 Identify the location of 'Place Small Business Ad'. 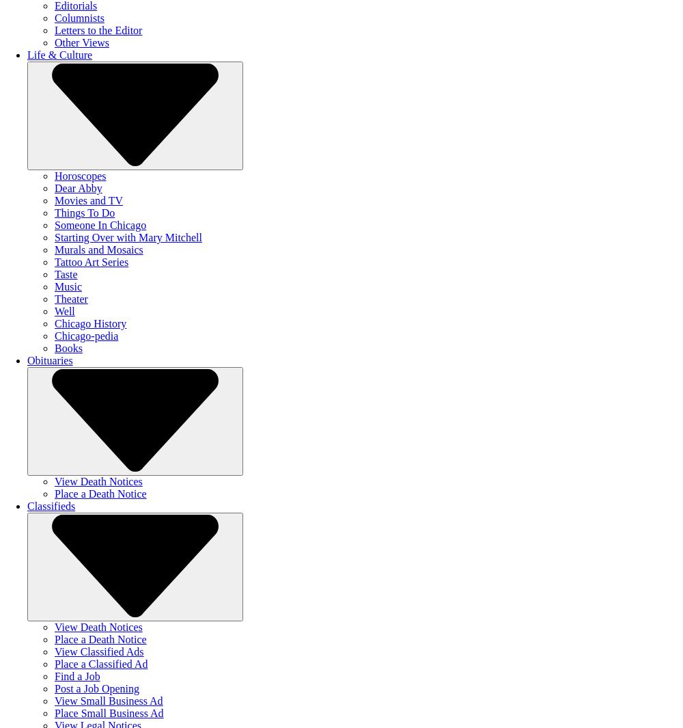
(54, 713).